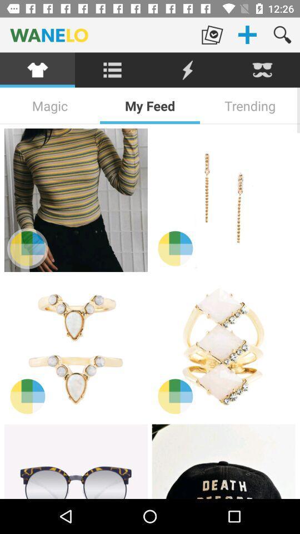  Describe the element at coordinates (75, 200) in the screenshot. I see `clickable picture of style` at that location.